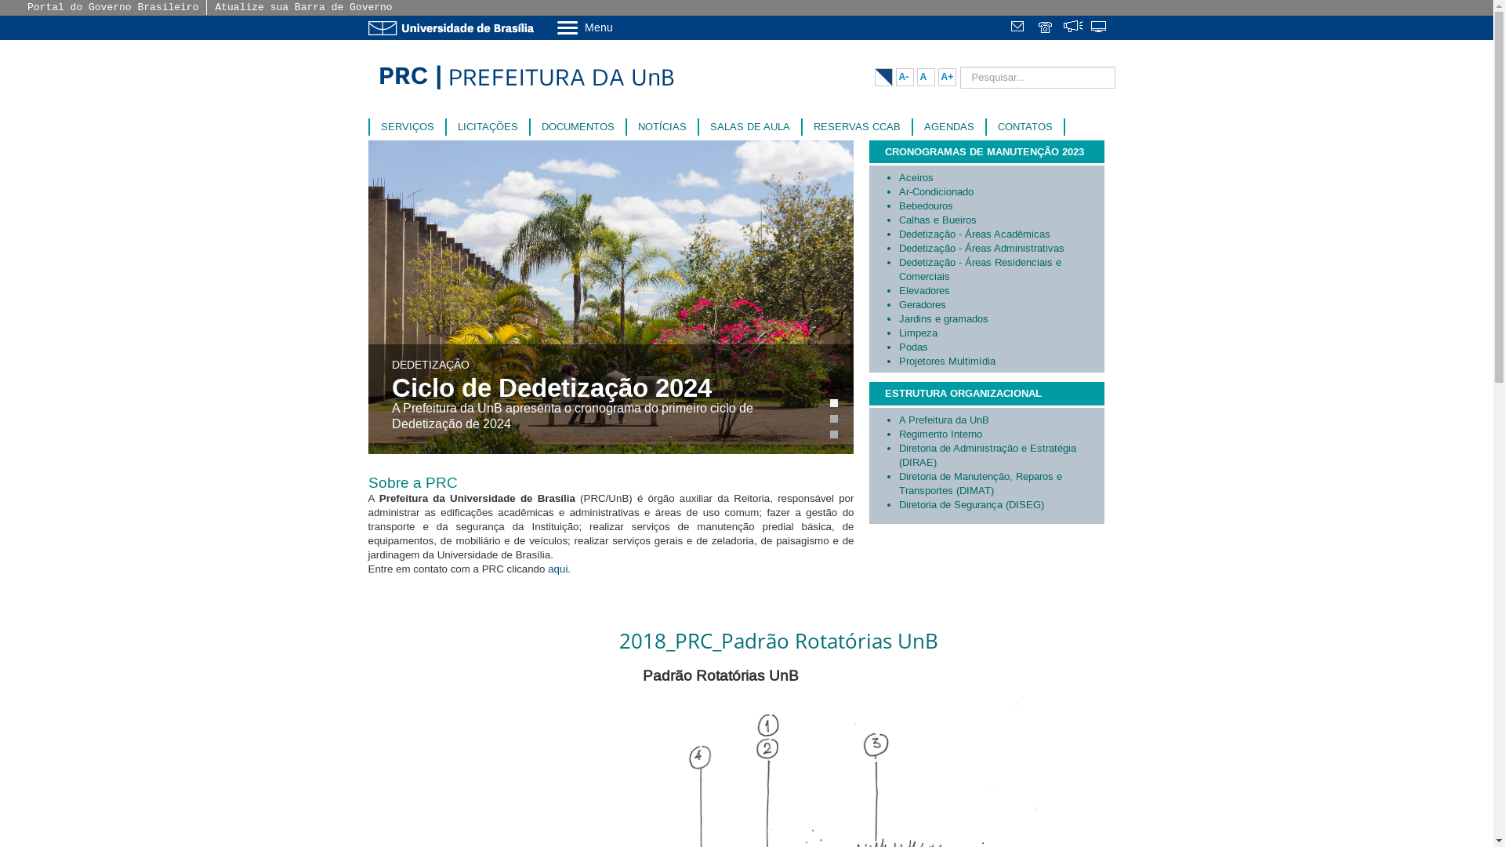  What do you see at coordinates (1089, 28) in the screenshot?
I see `'Sistemas'` at bounding box center [1089, 28].